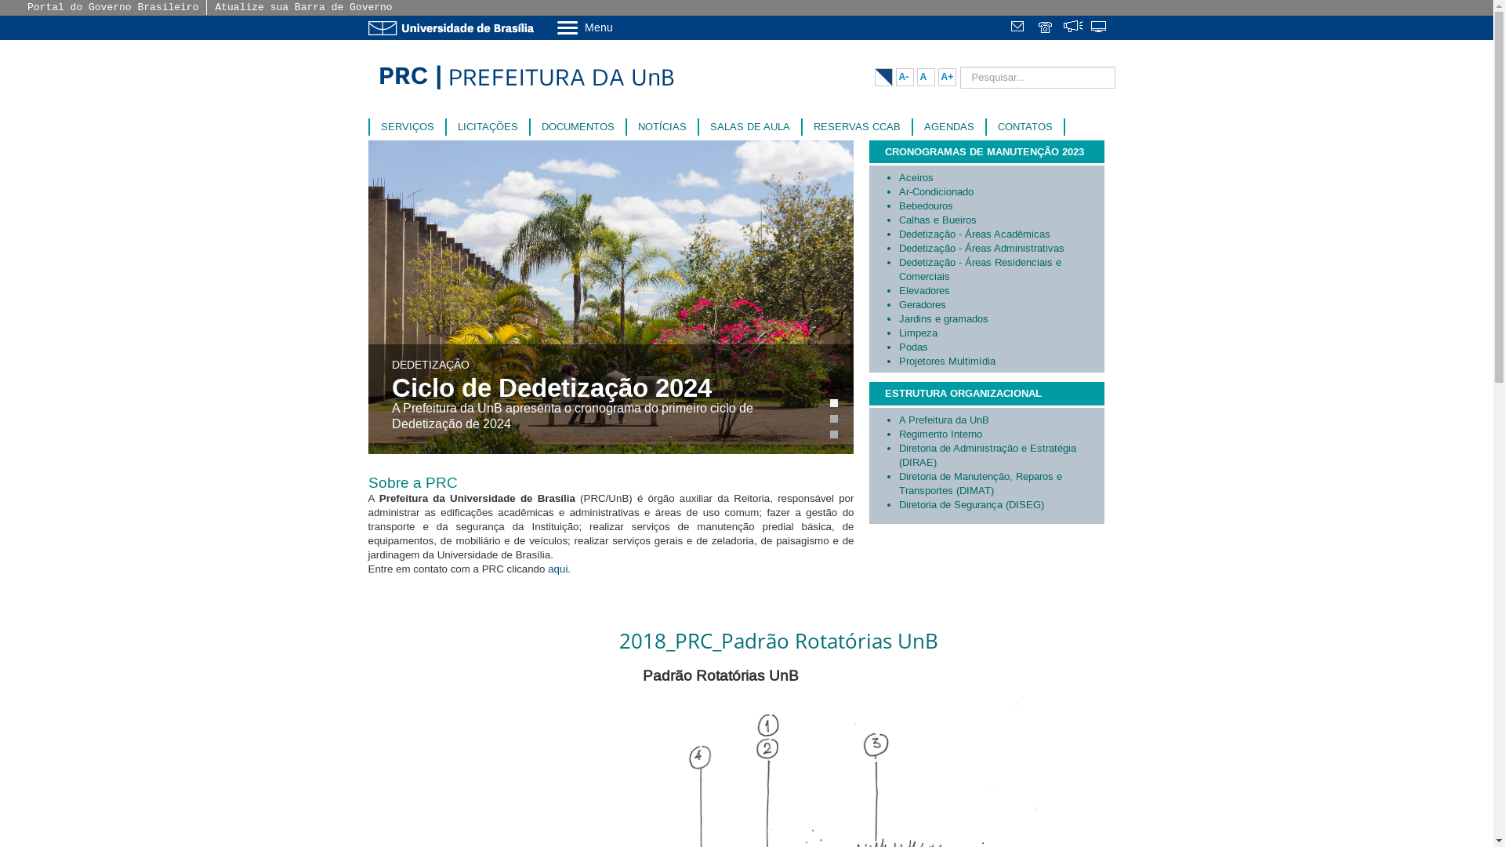  What do you see at coordinates (1089, 28) in the screenshot?
I see `'Sistemas'` at bounding box center [1089, 28].